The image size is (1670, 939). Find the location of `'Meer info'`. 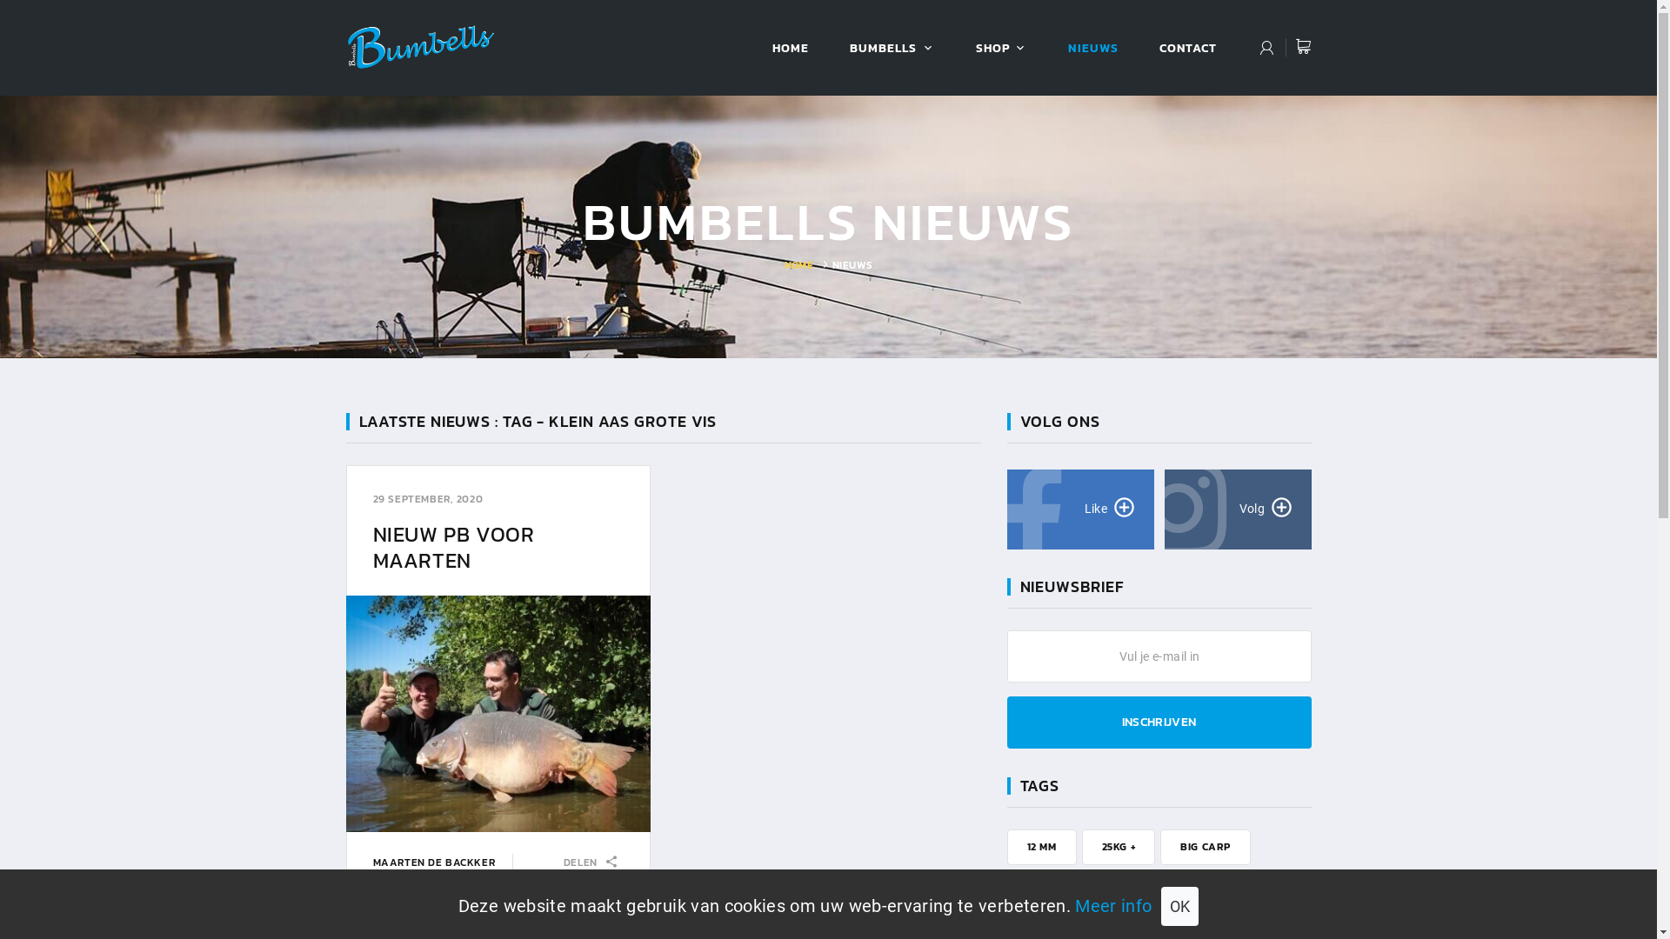

'Meer info' is located at coordinates (1113, 905).